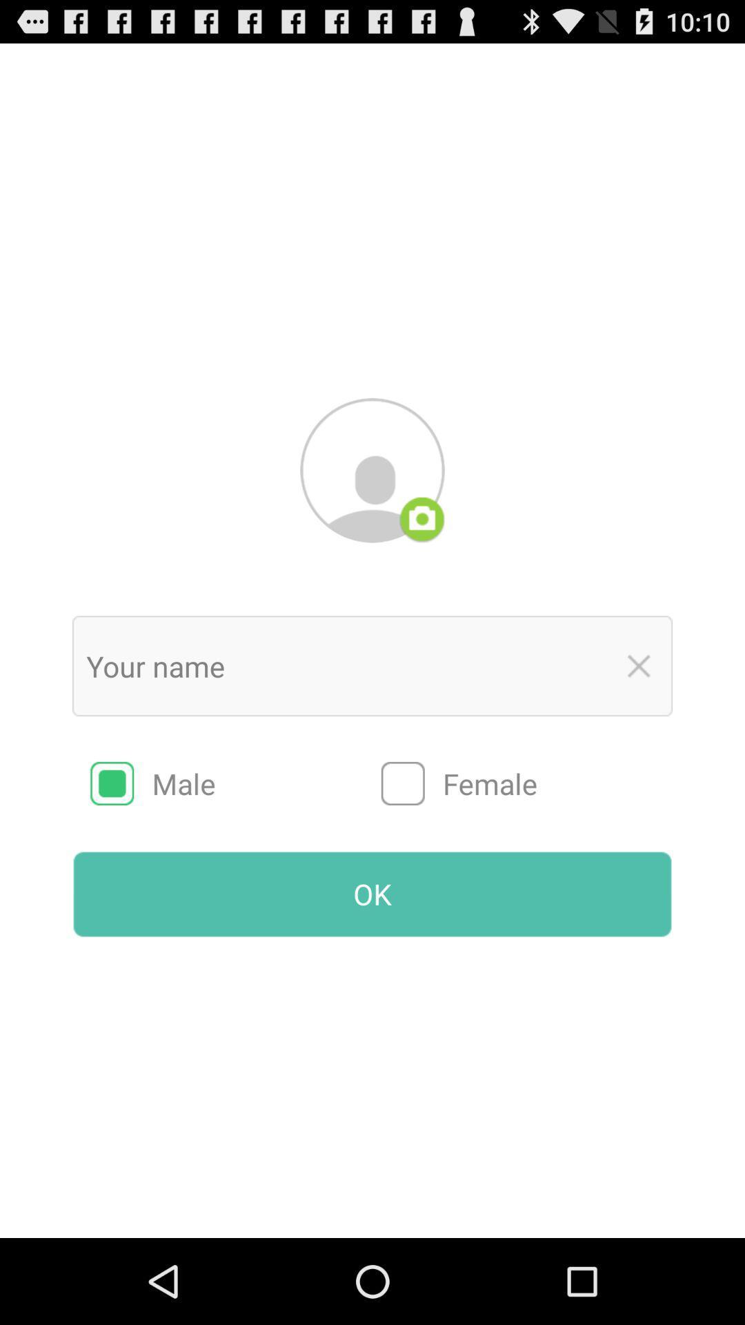 The width and height of the screenshot is (745, 1325). What do you see at coordinates (372, 470) in the screenshot?
I see `profile picture` at bounding box center [372, 470].